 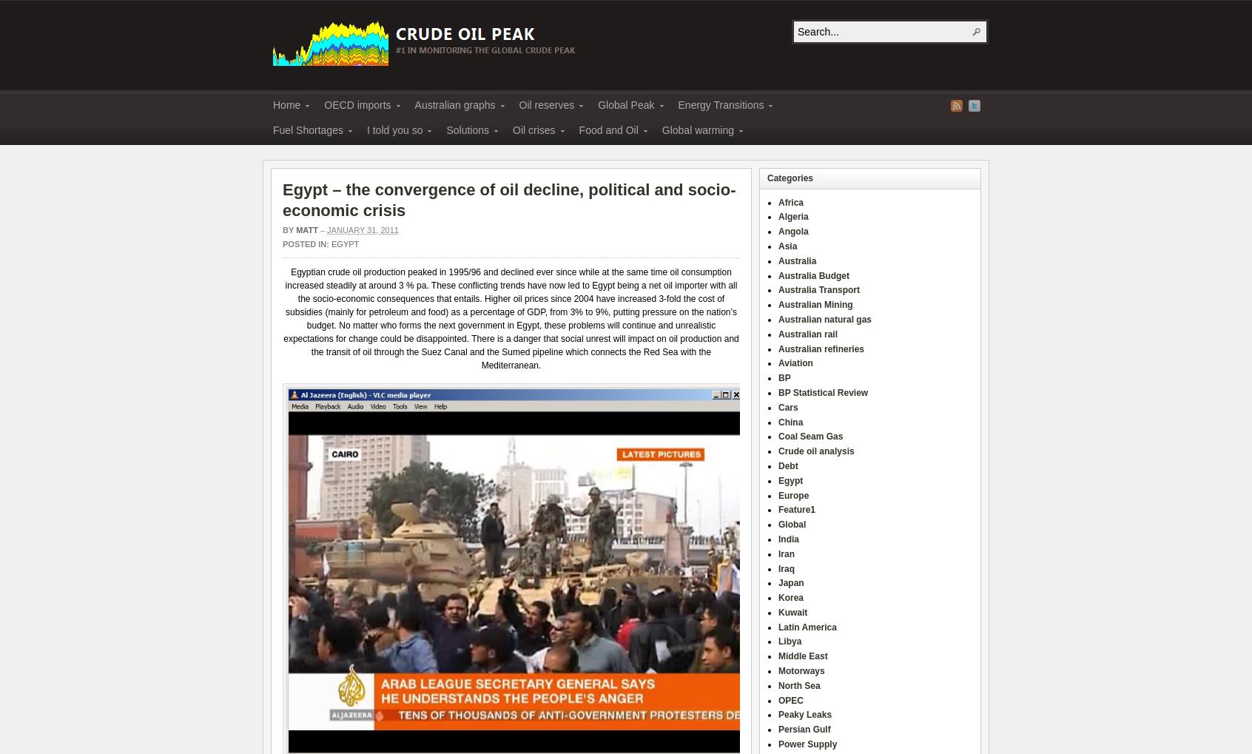 What do you see at coordinates (815, 303) in the screenshot?
I see `'Australian Mining'` at bounding box center [815, 303].